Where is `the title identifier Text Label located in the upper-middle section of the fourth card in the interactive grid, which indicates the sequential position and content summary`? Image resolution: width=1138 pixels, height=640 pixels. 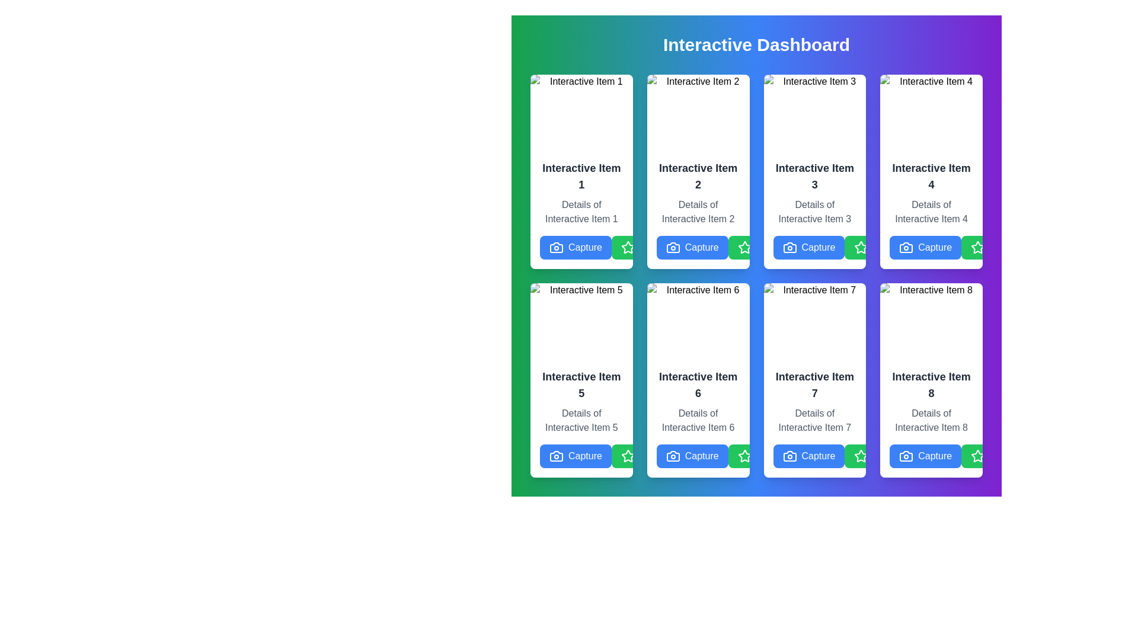
the title identifier Text Label located in the upper-middle section of the fourth card in the interactive grid, which indicates the sequential position and content summary is located at coordinates (931, 176).